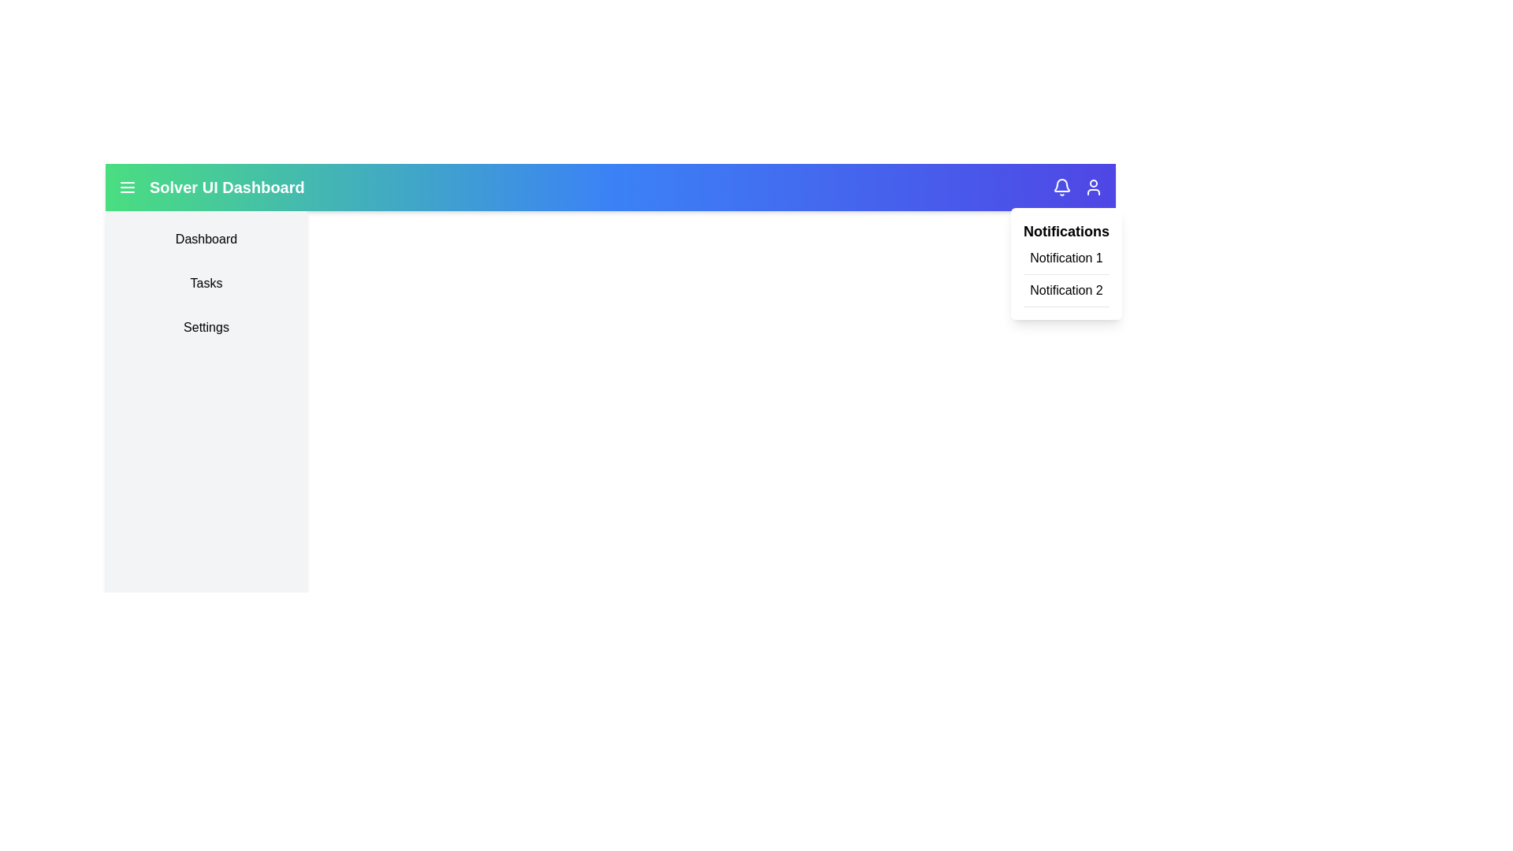  Describe the element at coordinates (226, 187) in the screenshot. I see `the title text in the navigation bar that denotes the name of the application or dashboard` at that location.